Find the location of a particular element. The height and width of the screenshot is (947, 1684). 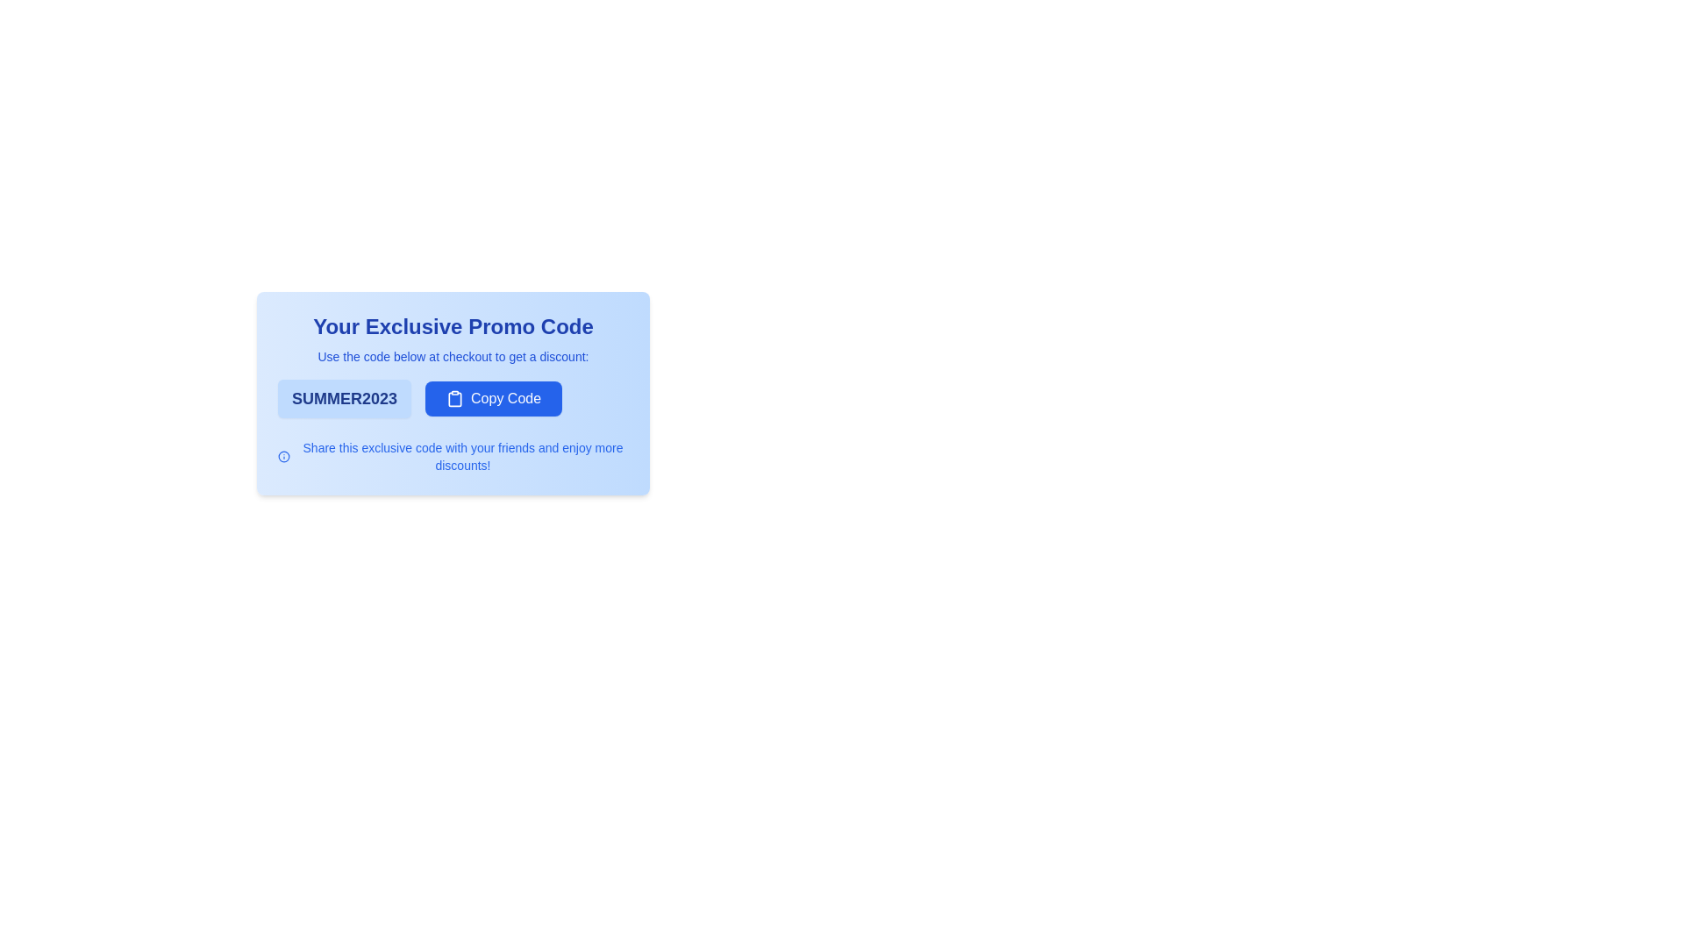

the informational text that encourages users to share the promotional code, located below the 'Copy Code' button and centered in the lower area of the blue-gradient card is located at coordinates (453, 455).